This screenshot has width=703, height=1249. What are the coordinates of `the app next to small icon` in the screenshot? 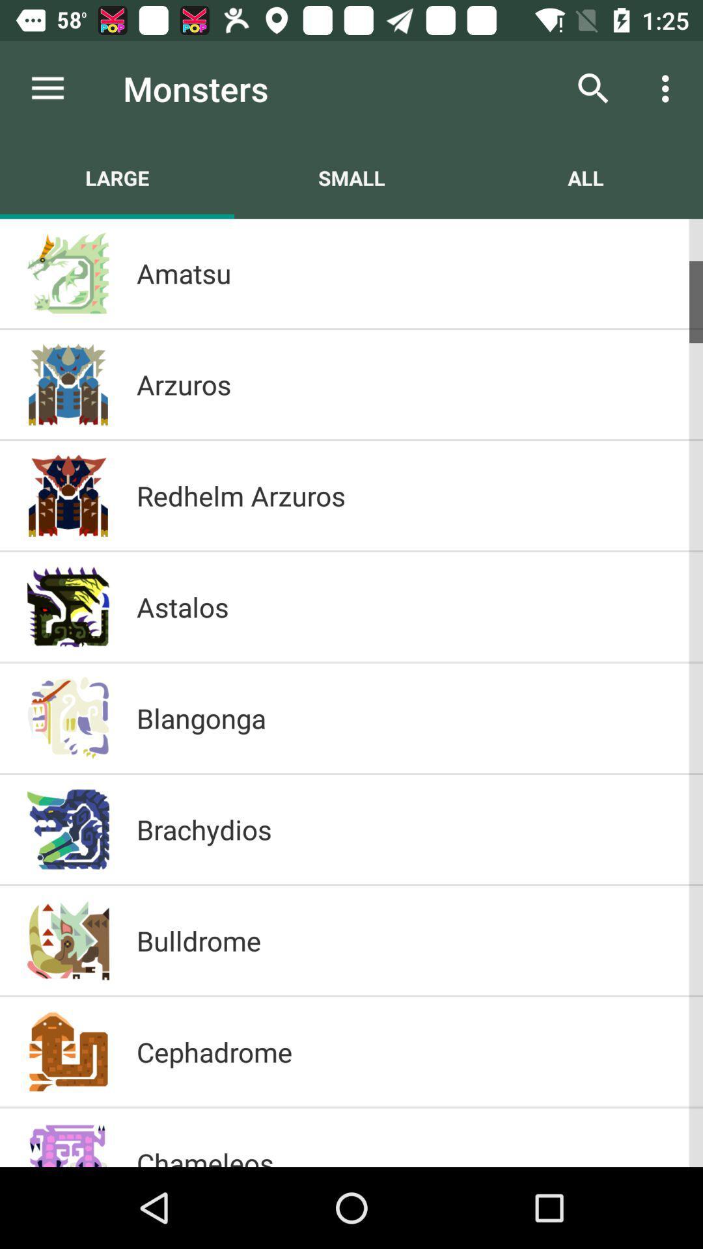 It's located at (585, 177).